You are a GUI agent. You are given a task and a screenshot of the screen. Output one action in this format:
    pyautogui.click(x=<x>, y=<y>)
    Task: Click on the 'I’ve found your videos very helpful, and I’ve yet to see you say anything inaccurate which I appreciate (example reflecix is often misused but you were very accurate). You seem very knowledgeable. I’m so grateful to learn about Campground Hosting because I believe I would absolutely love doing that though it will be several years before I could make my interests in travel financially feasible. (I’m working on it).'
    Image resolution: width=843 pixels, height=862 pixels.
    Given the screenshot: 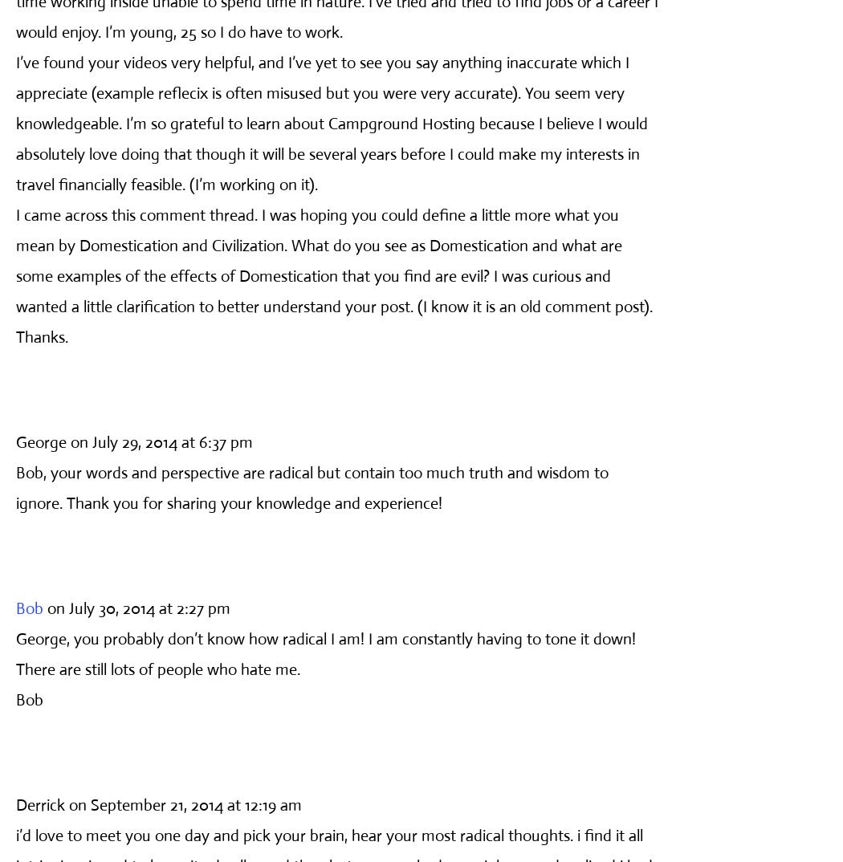 What is the action you would take?
    pyautogui.click(x=331, y=122)
    